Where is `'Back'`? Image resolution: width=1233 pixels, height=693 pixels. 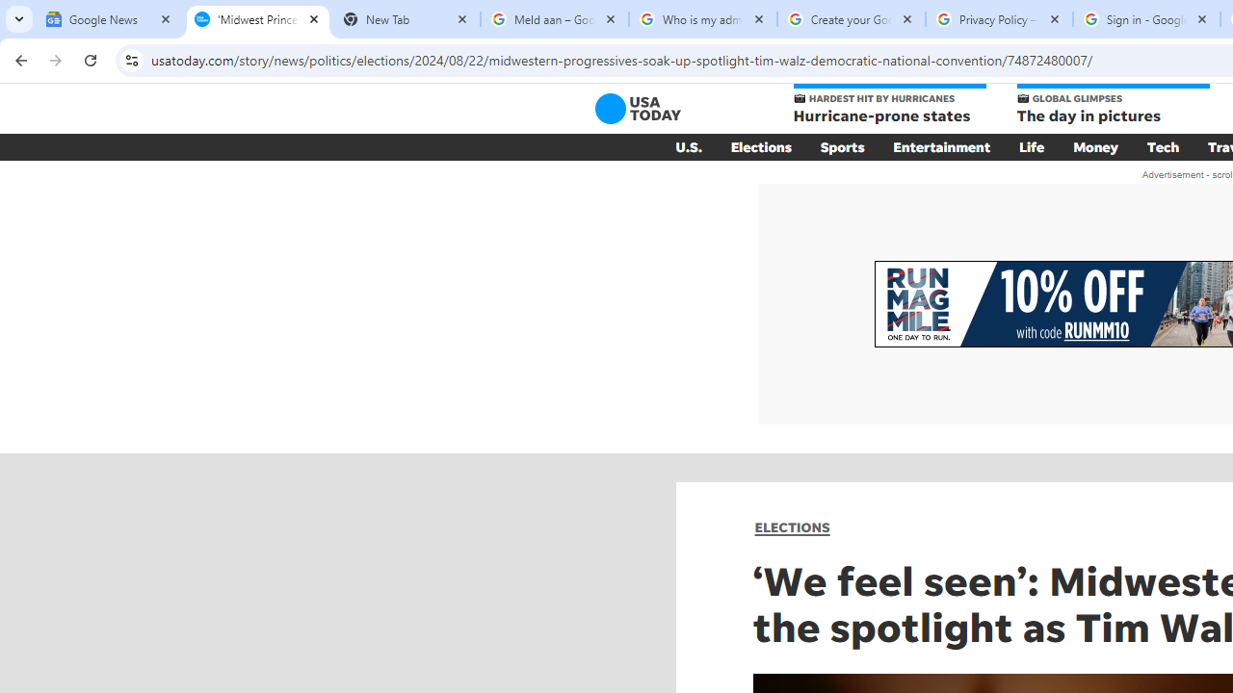 'Back' is located at coordinates (18, 59).